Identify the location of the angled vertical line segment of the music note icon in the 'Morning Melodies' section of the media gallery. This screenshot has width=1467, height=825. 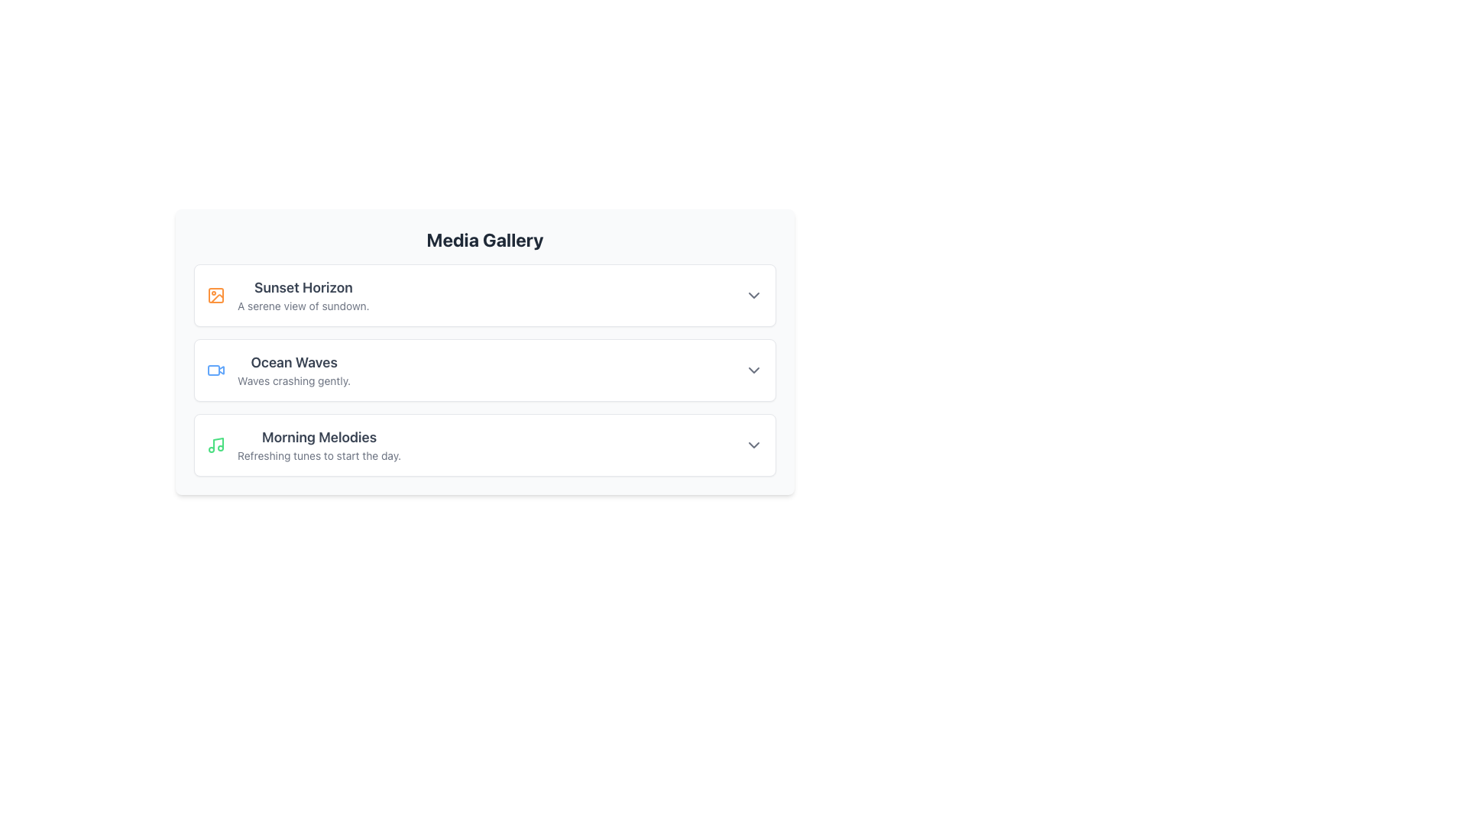
(218, 444).